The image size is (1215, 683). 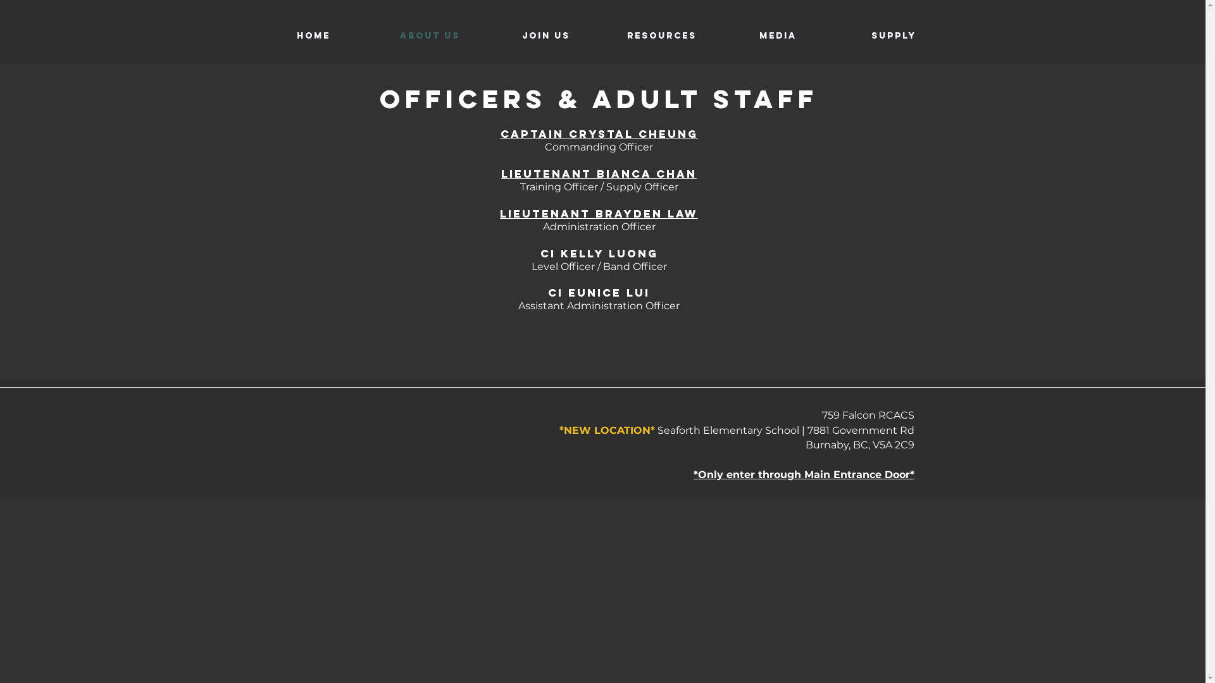 I want to click on 'Supply', so click(x=835, y=35).